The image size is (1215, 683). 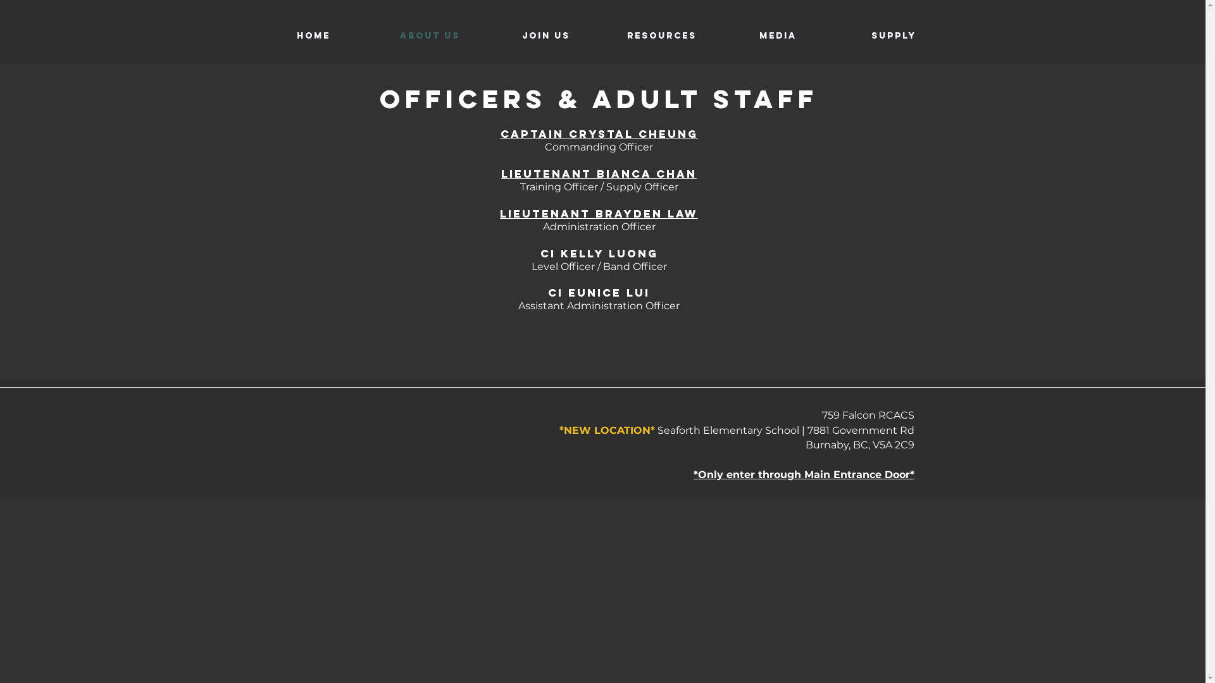 I want to click on 'Supply', so click(x=835, y=35).